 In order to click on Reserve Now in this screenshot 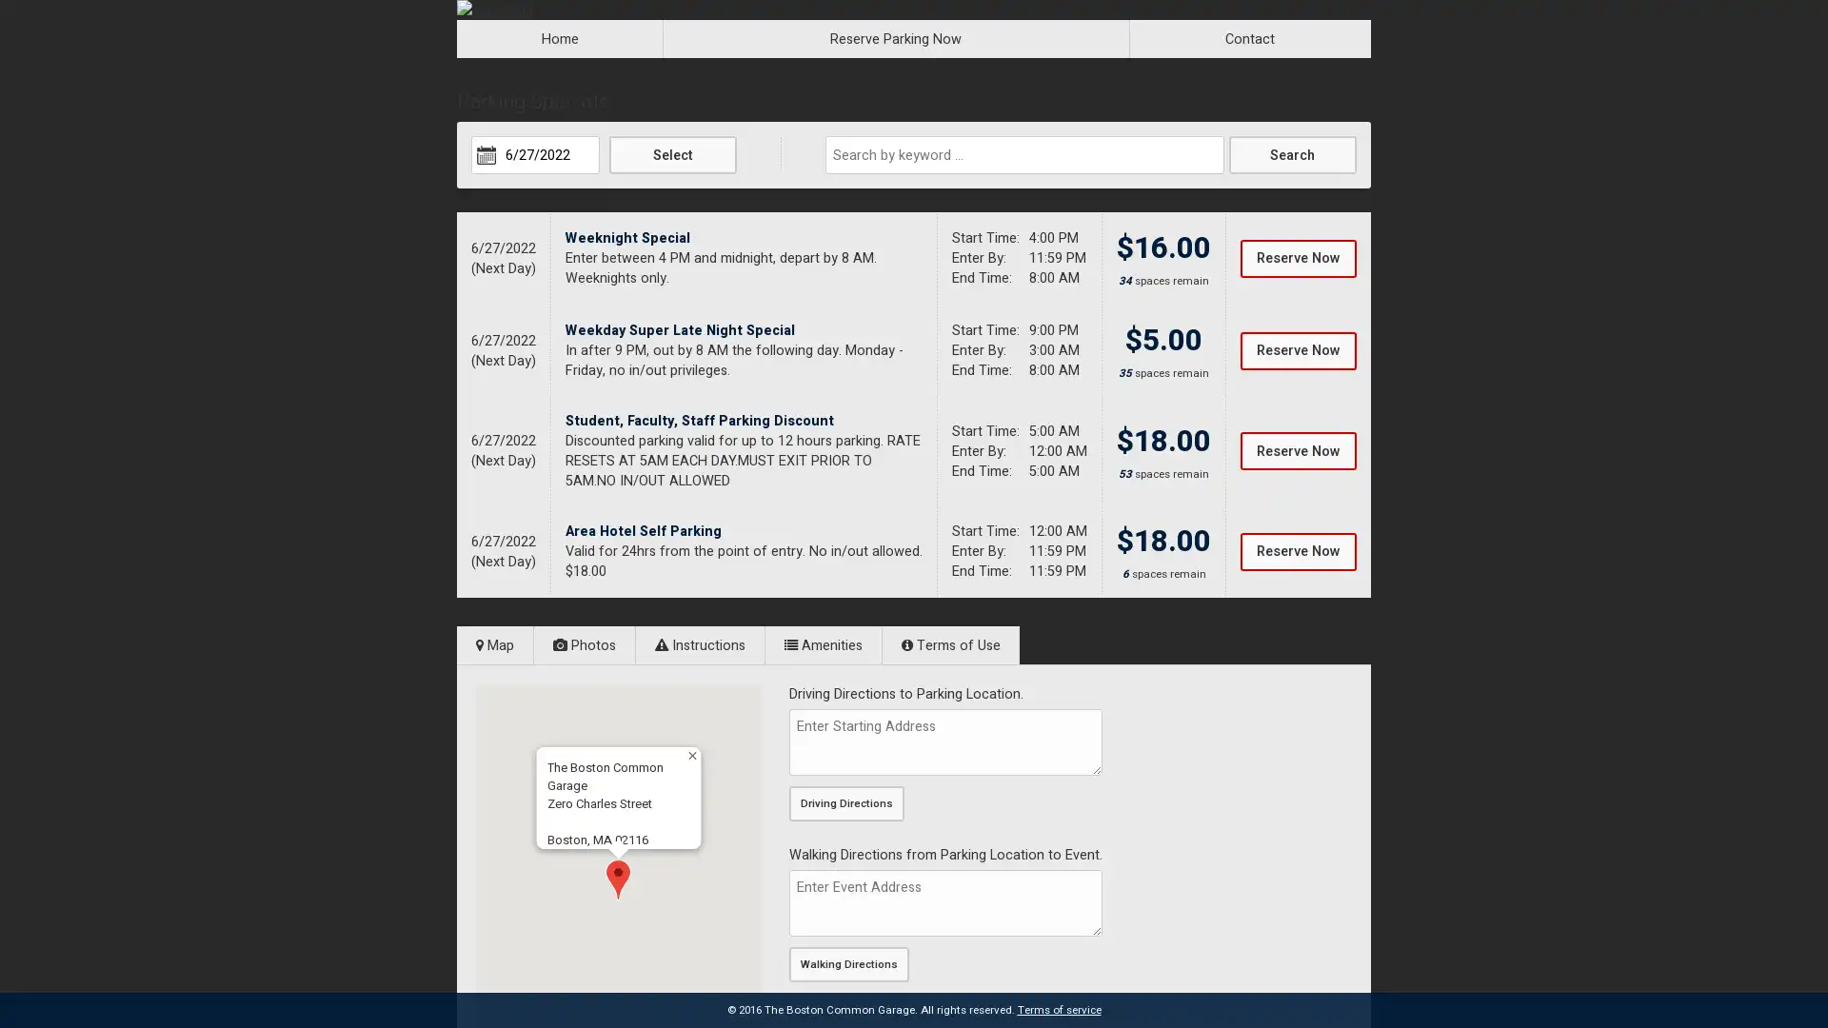, I will do `click(1297, 451)`.